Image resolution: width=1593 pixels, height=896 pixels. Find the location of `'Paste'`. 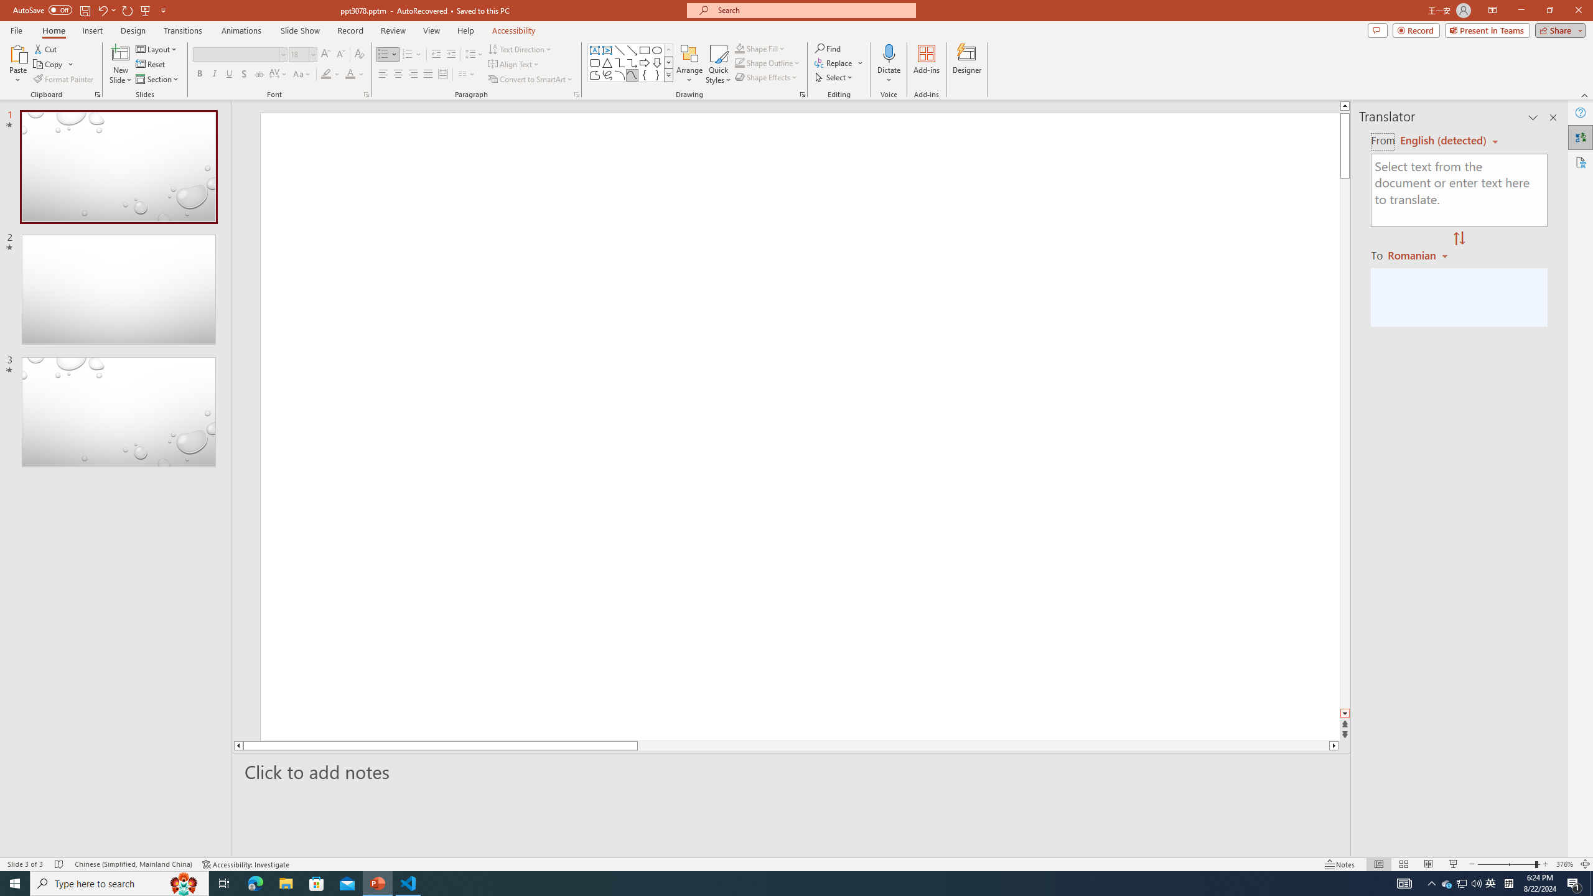

'Paste' is located at coordinates (17, 52).